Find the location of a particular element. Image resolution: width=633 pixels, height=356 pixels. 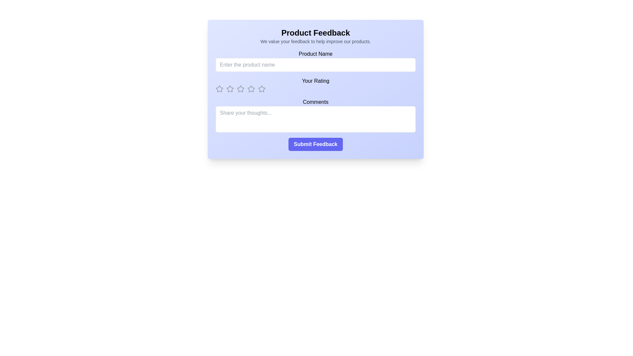

the third star icon in the row of five under the 'Your Rating' label is located at coordinates (230, 89).